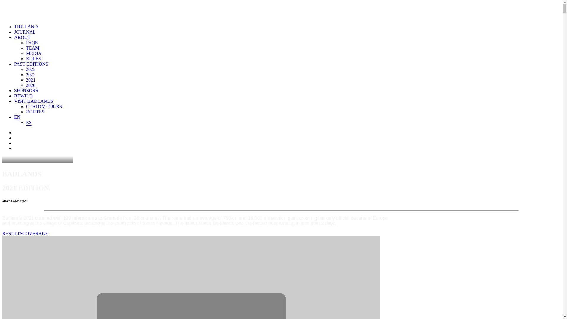  I want to click on 'JOURNAL', so click(25, 32).